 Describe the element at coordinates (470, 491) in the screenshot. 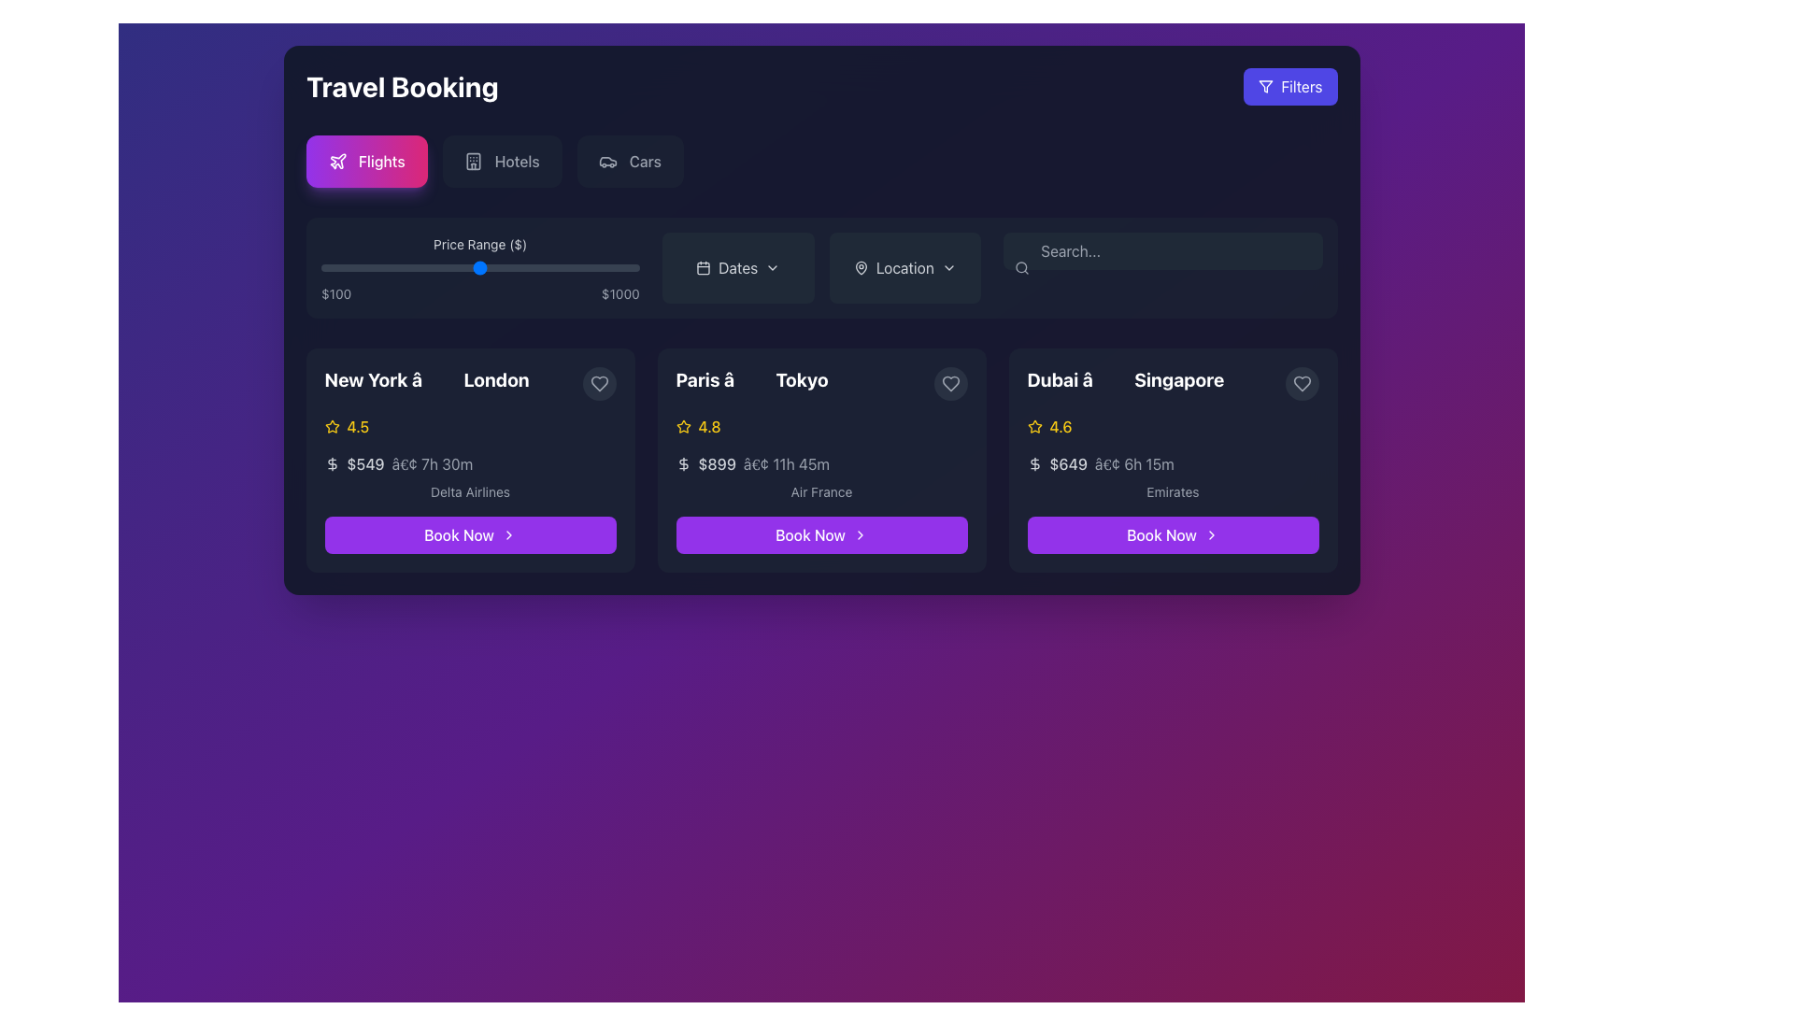

I see `the static text label displaying 'Delta Airlines' in a smaller, gray font, located below the flight price and duration details and above the 'Book Now' button` at that location.